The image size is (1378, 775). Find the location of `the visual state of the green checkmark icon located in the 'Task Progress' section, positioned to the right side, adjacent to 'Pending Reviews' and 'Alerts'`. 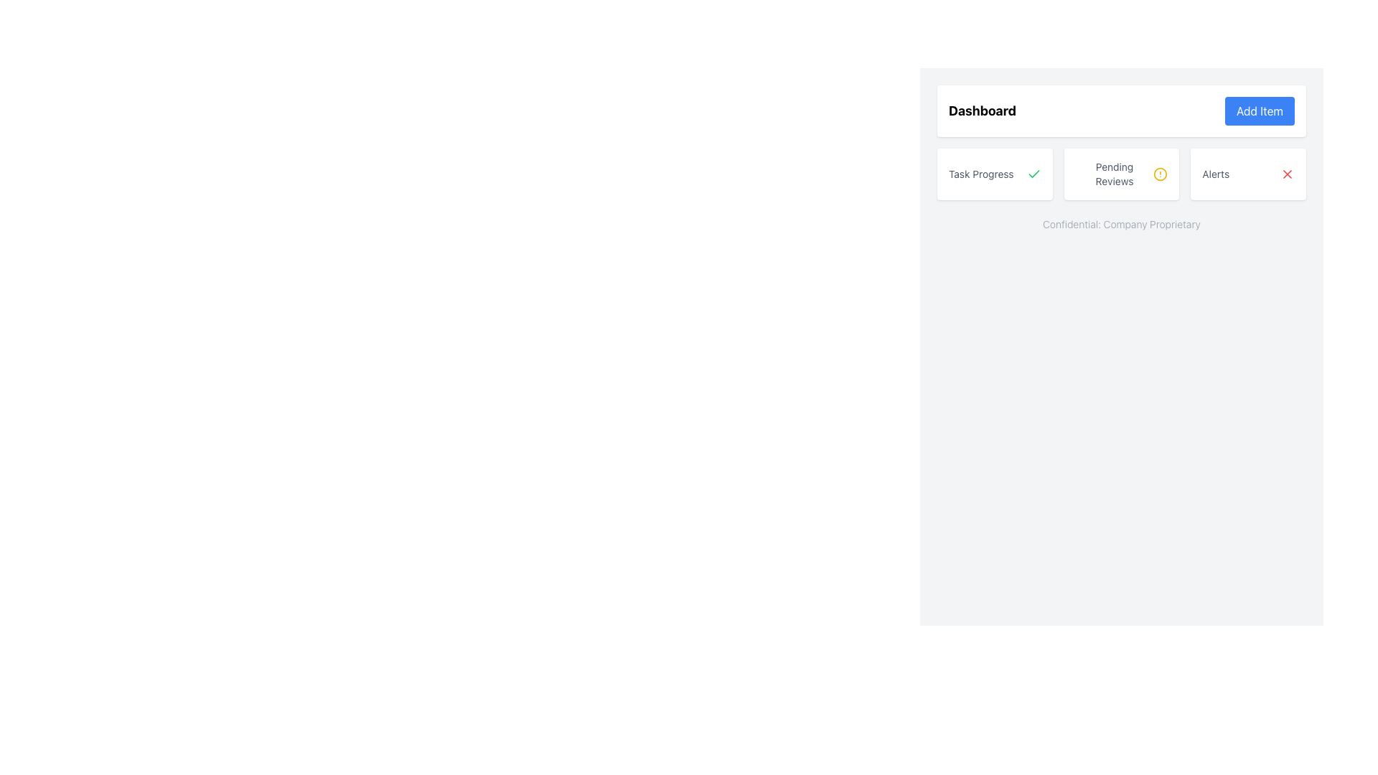

the visual state of the green checkmark icon located in the 'Task Progress' section, positioned to the right side, adjacent to 'Pending Reviews' and 'Alerts' is located at coordinates (1033, 174).